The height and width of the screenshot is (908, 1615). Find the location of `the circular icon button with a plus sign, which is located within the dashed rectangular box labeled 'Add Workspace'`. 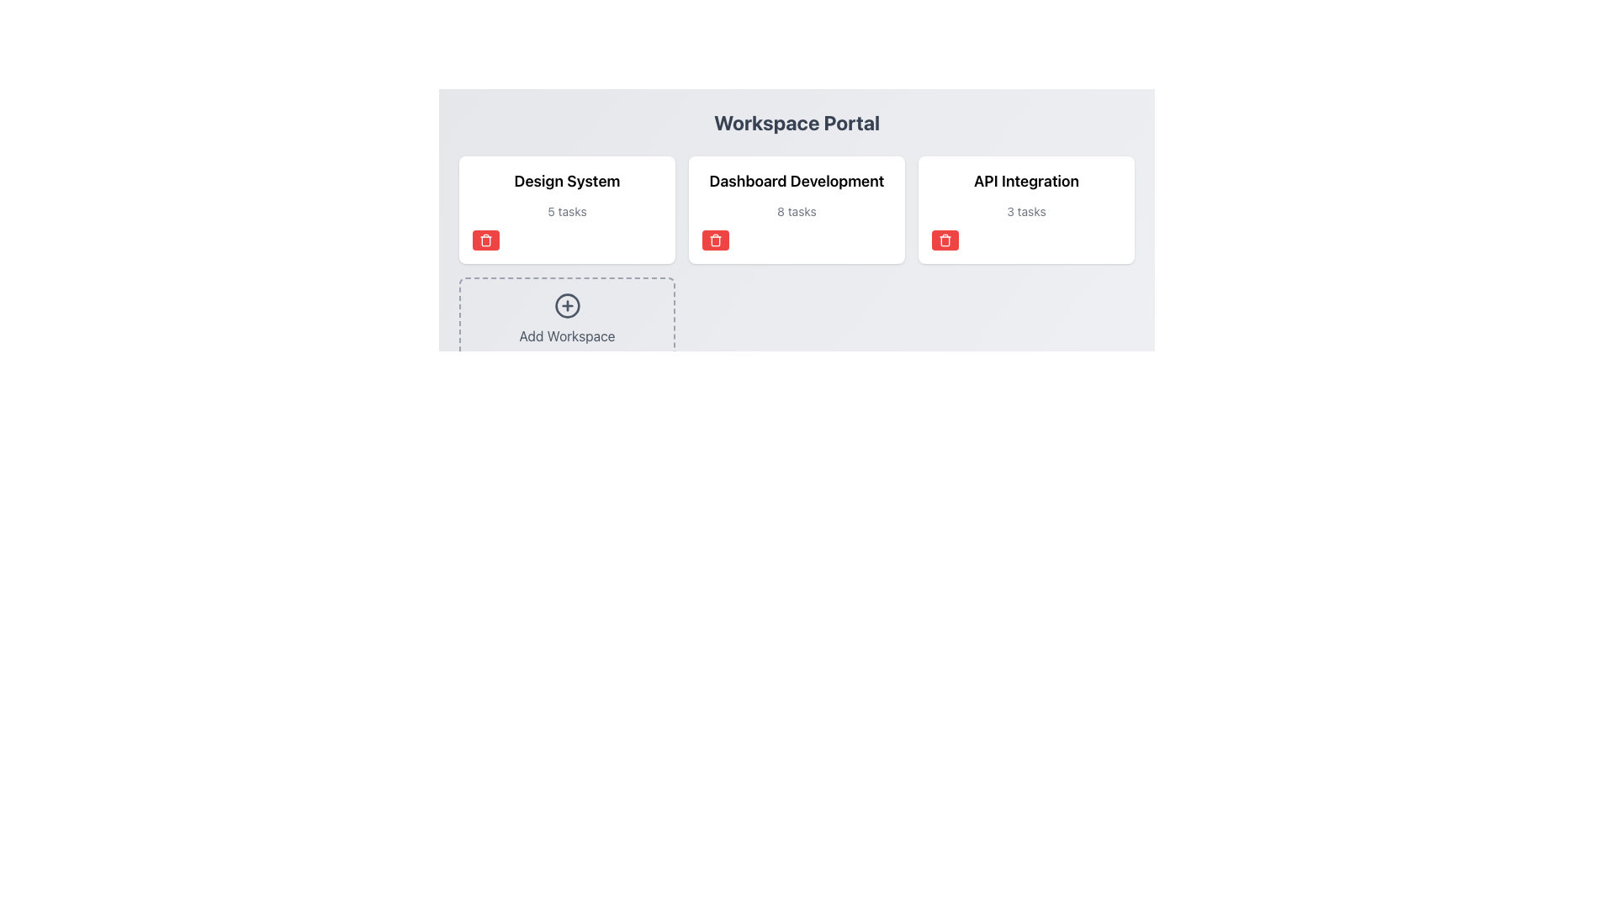

the circular icon button with a plus sign, which is located within the dashed rectangular box labeled 'Add Workspace' is located at coordinates (567, 305).